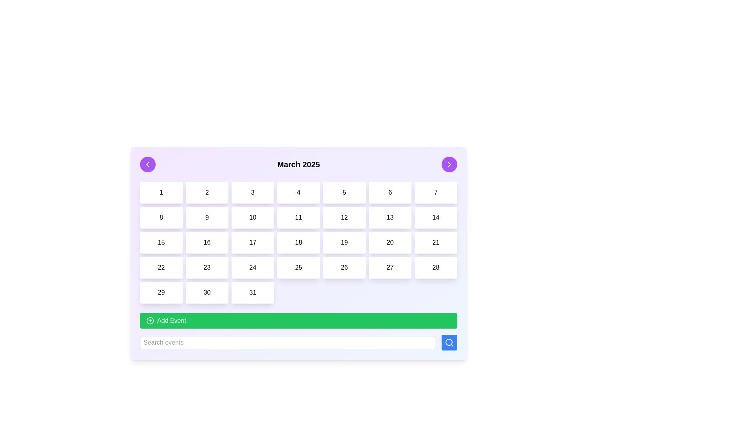  I want to click on the Date Tile displaying the number '5', which is a white rectangular block with rounded corners located centrally in the upper portion of the calendar layout, so click(344, 193).